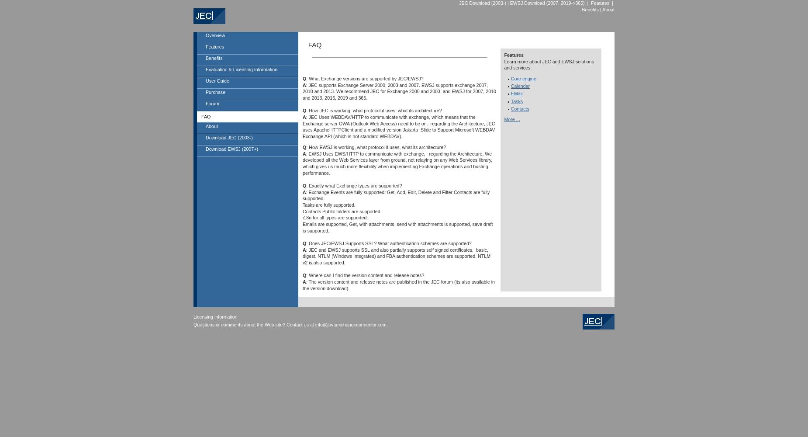  I want to click on ': How JEC is working, what protocol it uses, 
                            what its architecture?', so click(373, 111).